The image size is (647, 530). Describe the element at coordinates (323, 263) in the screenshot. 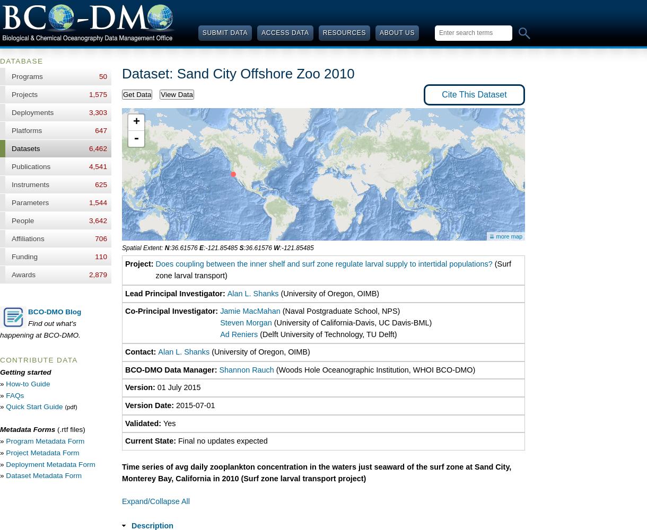

I see `'Does coupling between the inner shelf and surf zone regulate larval supply to intertidal populations?'` at that location.